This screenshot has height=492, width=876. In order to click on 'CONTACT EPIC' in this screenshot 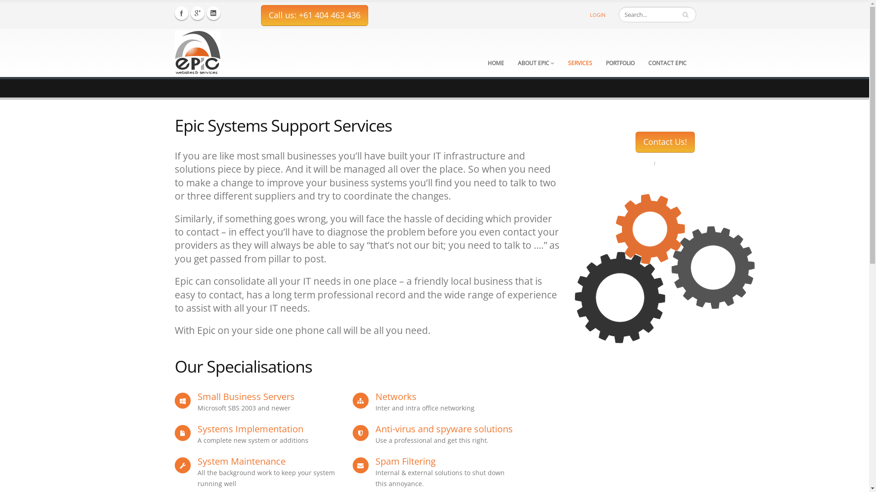, I will do `click(667, 56)`.